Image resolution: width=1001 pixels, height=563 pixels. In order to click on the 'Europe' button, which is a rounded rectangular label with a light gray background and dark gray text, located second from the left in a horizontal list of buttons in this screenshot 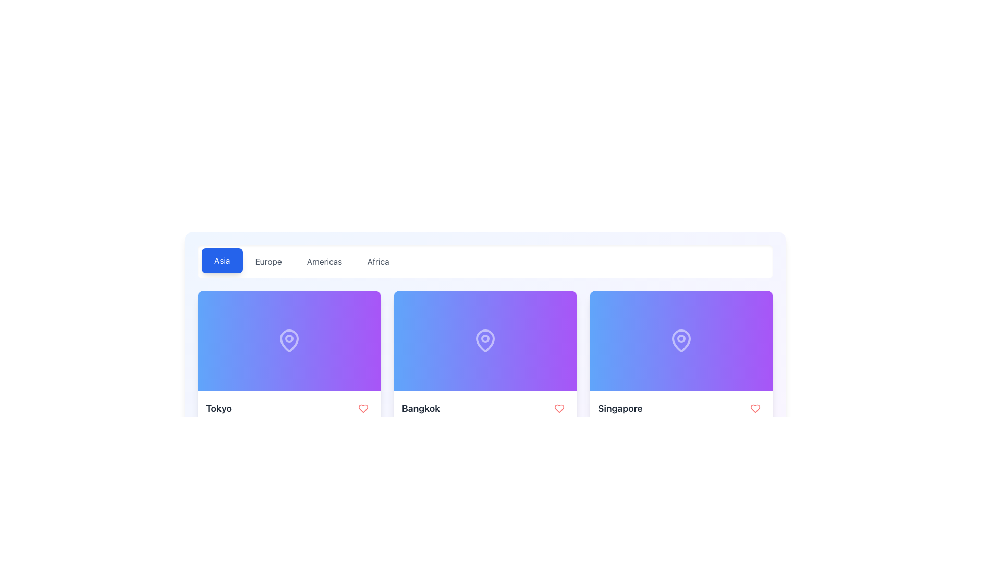, I will do `click(268, 261)`.